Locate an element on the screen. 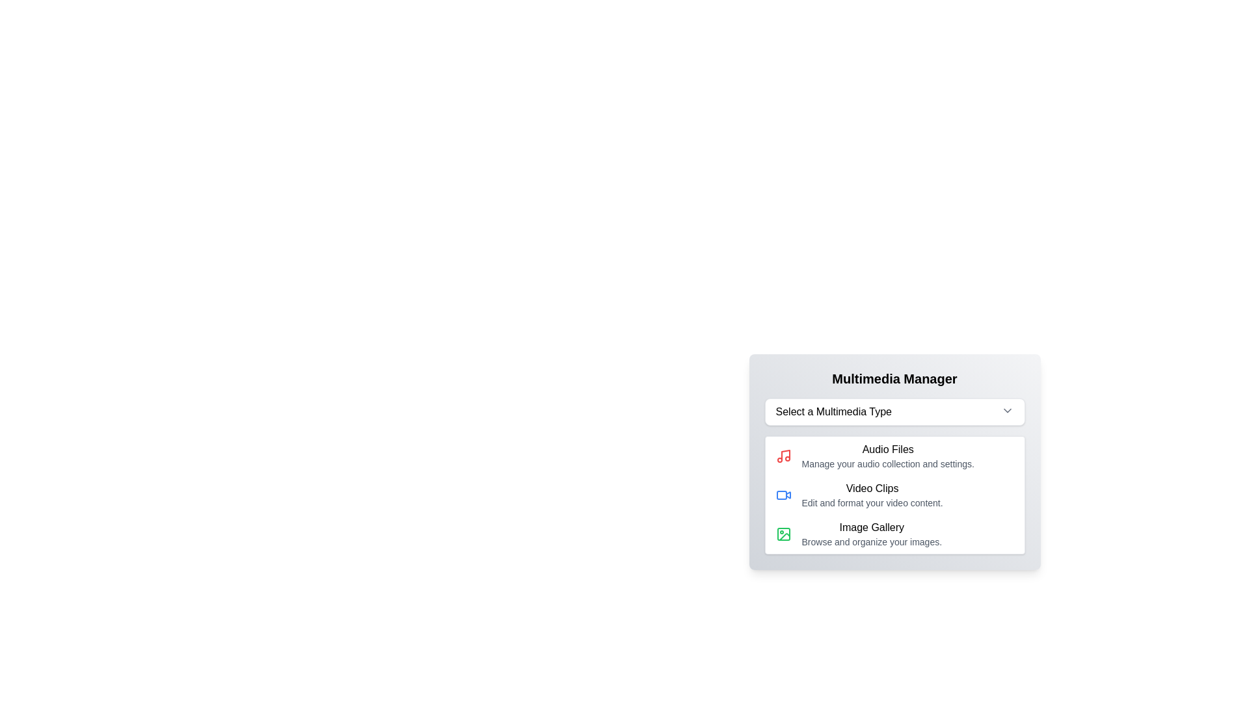 The width and height of the screenshot is (1249, 702). the 'Audio Files' informational item which includes a title and description, located near a red musical notes icon is located at coordinates (887, 456).